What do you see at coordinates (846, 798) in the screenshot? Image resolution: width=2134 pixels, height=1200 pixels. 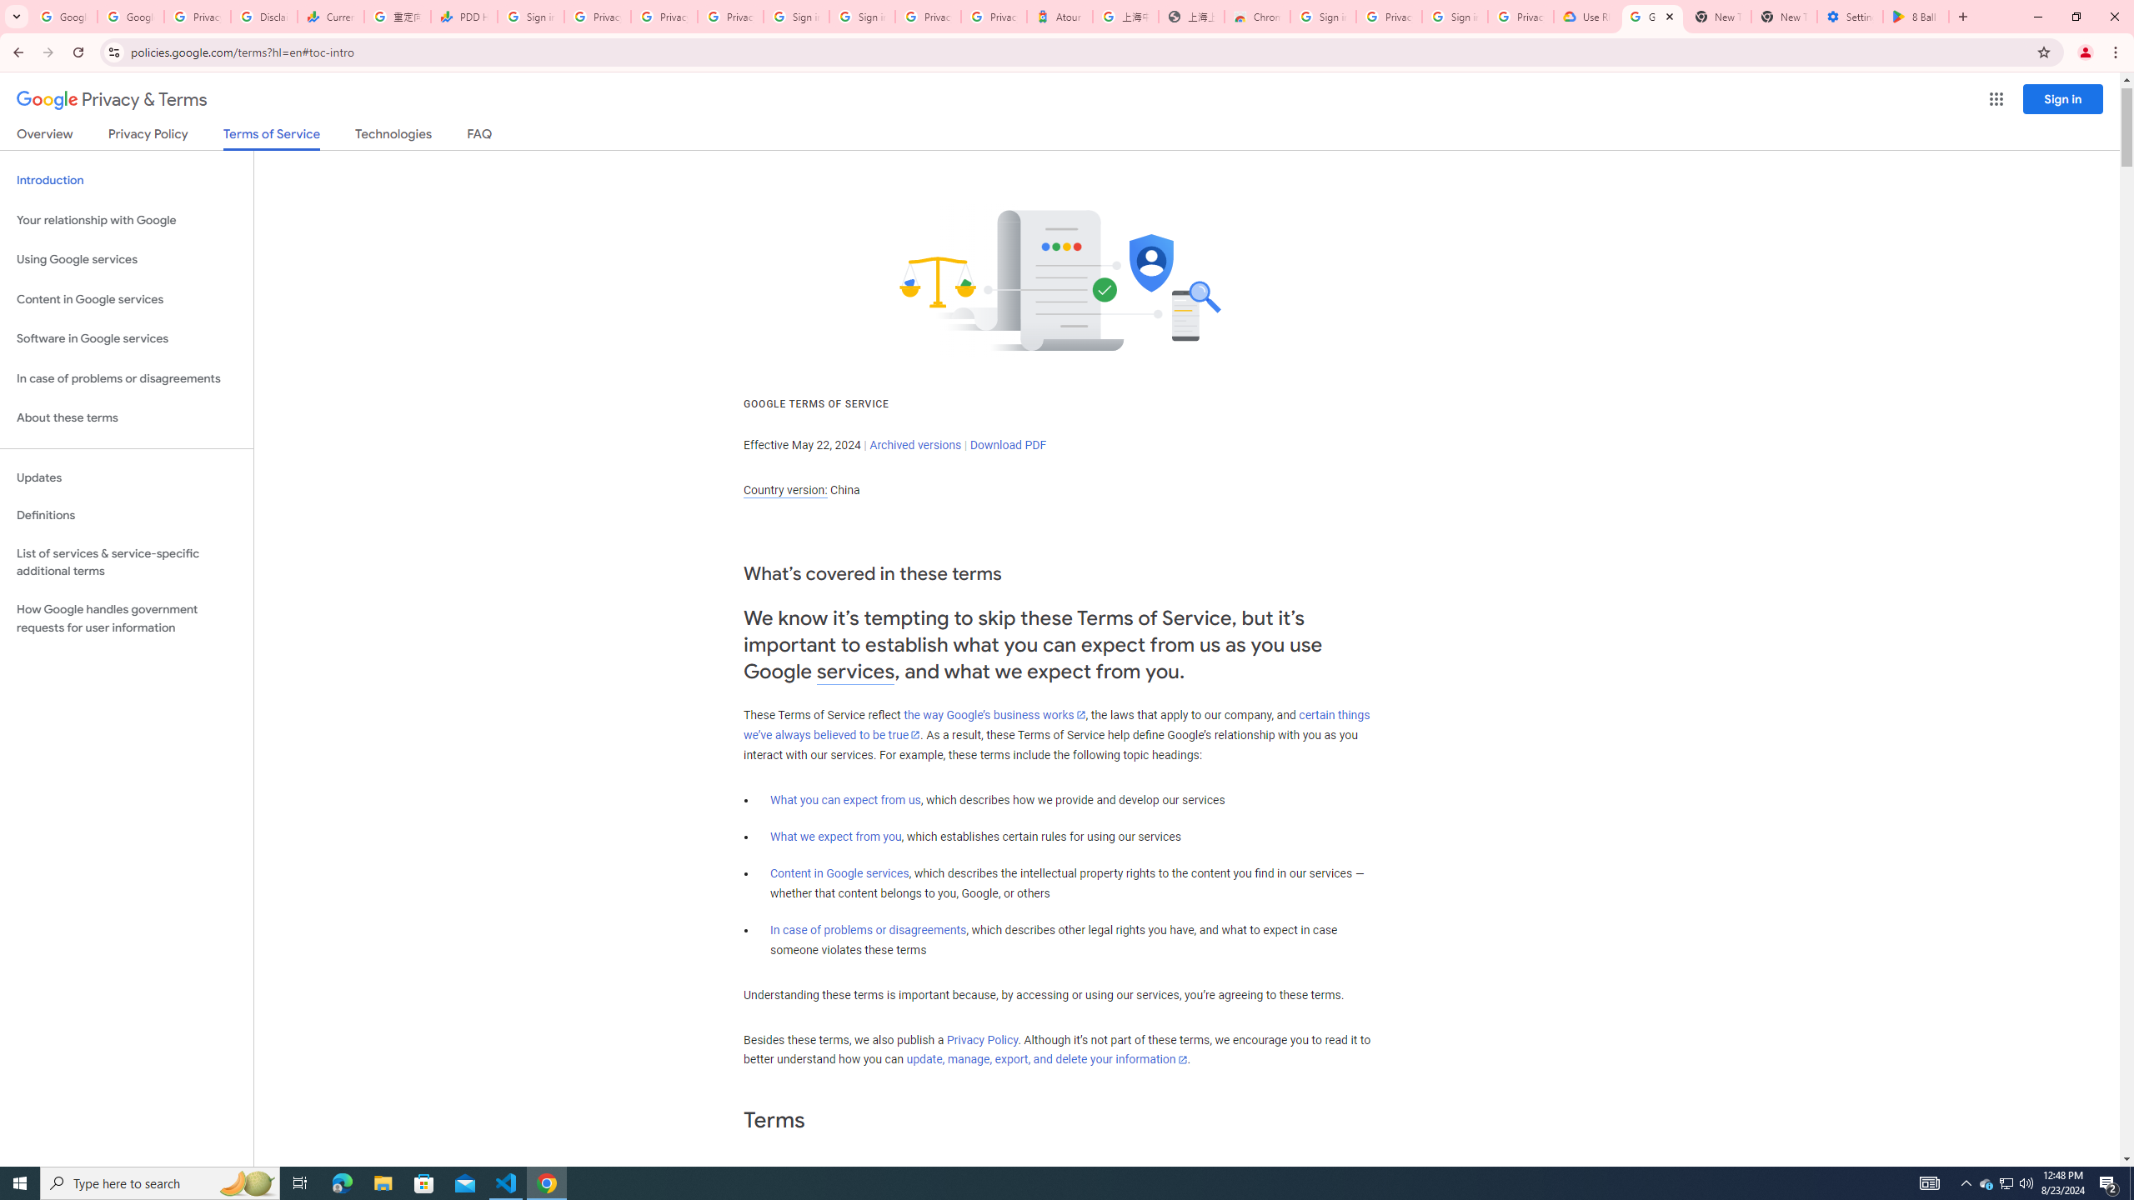 I see `'What you can expect from us'` at bounding box center [846, 798].